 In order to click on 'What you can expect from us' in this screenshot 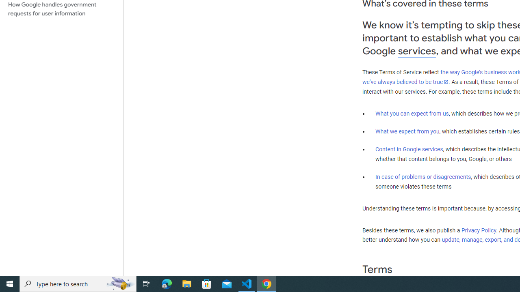, I will do `click(412, 113)`.